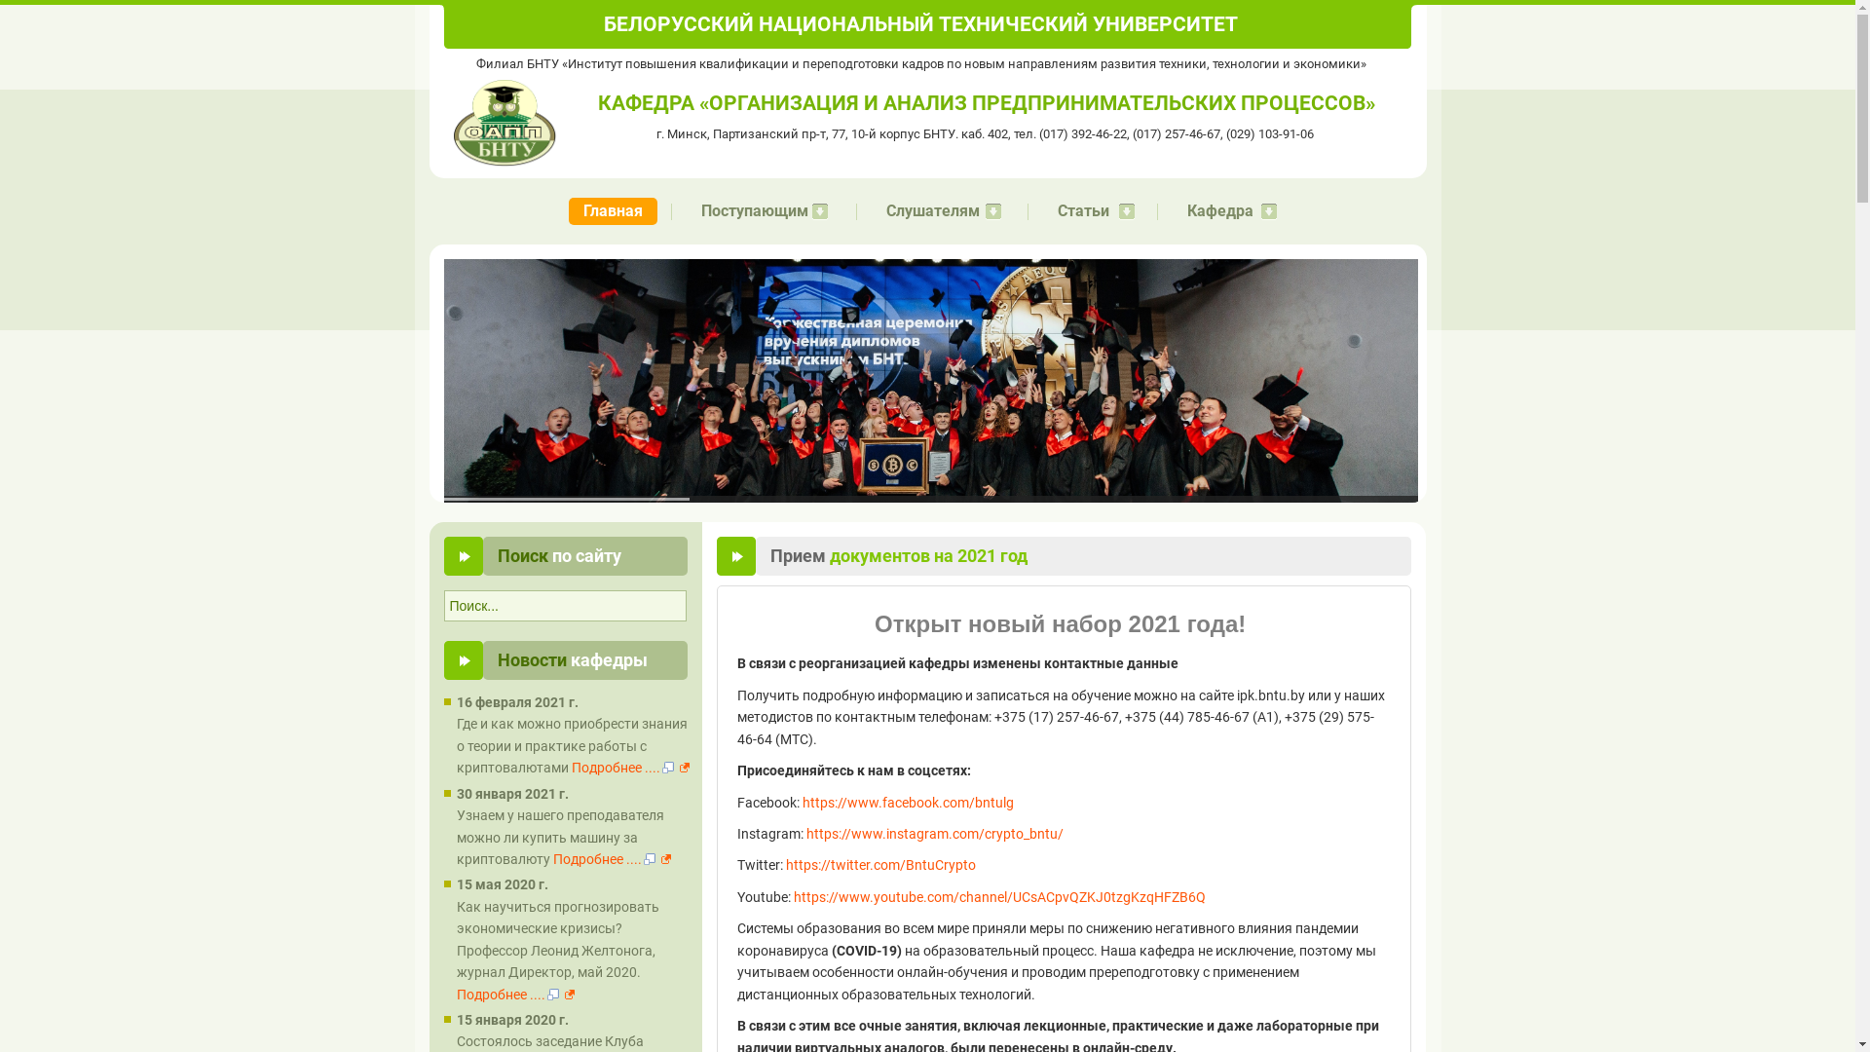  What do you see at coordinates (935, 833) in the screenshot?
I see `'https://www.instagram.com/crypto_bntu/'` at bounding box center [935, 833].